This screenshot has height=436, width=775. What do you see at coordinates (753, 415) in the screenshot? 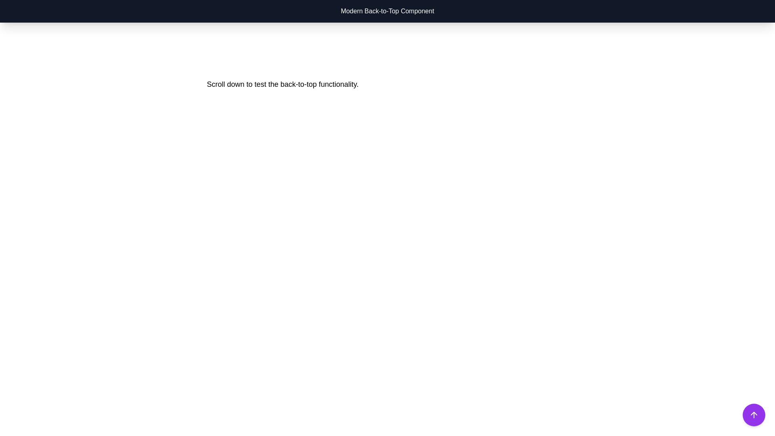
I see `keyboard navigation` at bounding box center [753, 415].